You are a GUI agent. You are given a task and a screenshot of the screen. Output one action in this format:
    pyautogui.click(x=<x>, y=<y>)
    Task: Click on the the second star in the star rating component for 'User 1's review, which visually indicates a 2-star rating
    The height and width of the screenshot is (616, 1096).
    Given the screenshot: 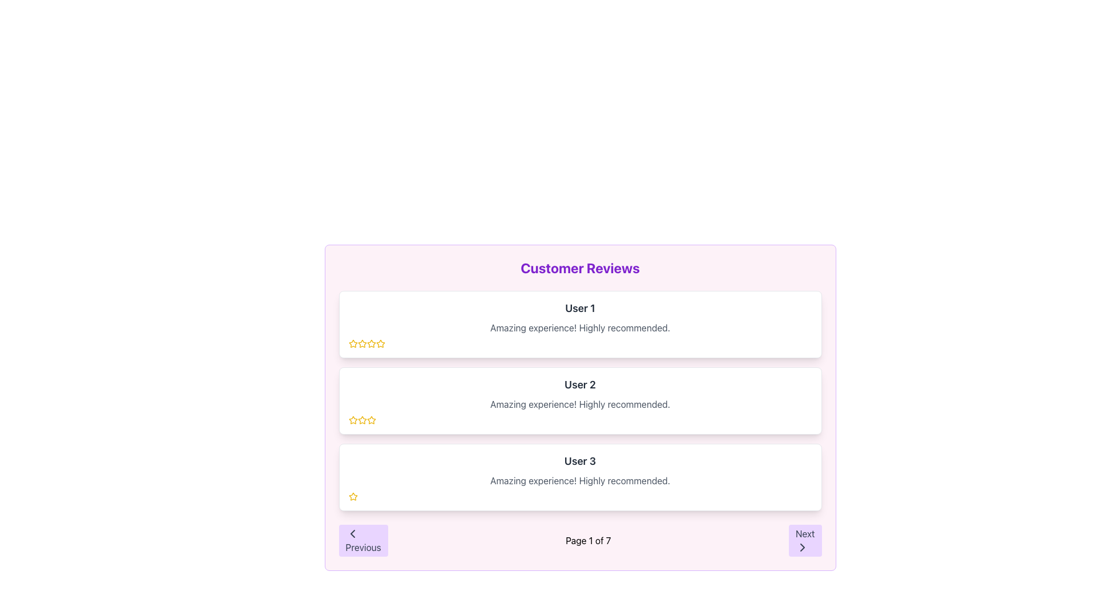 What is the action you would take?
    pyautogui.click(x=361, y=343)
    